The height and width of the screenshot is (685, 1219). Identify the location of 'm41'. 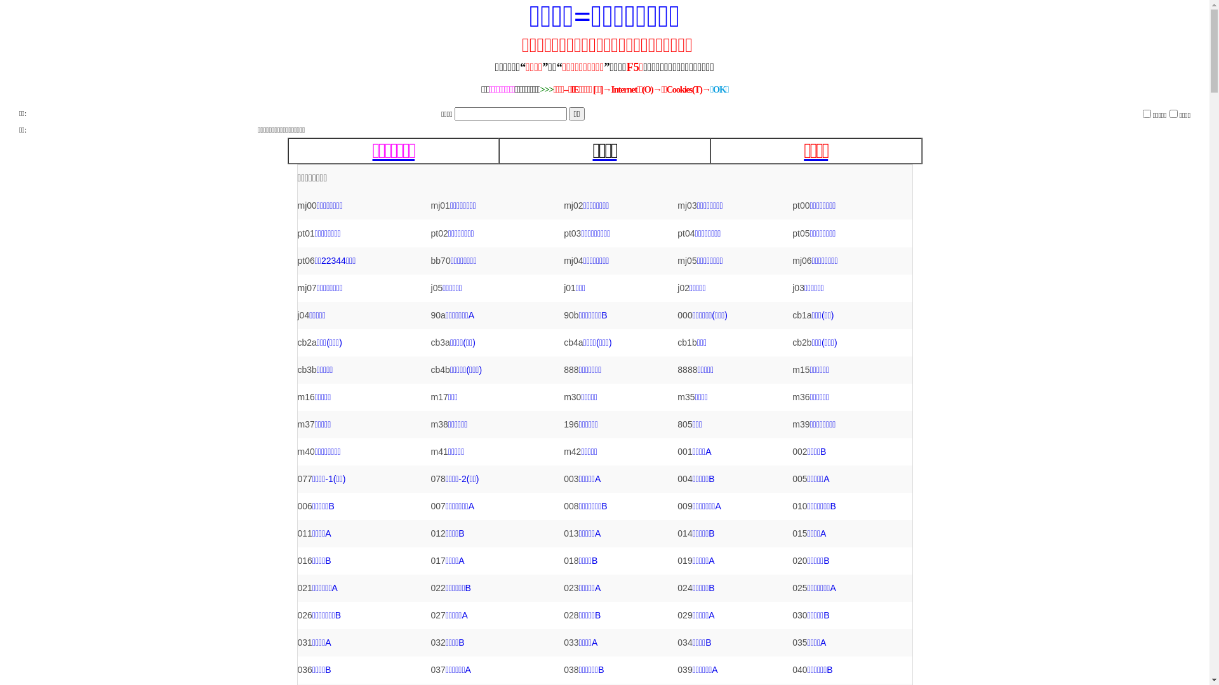
(439, 451).